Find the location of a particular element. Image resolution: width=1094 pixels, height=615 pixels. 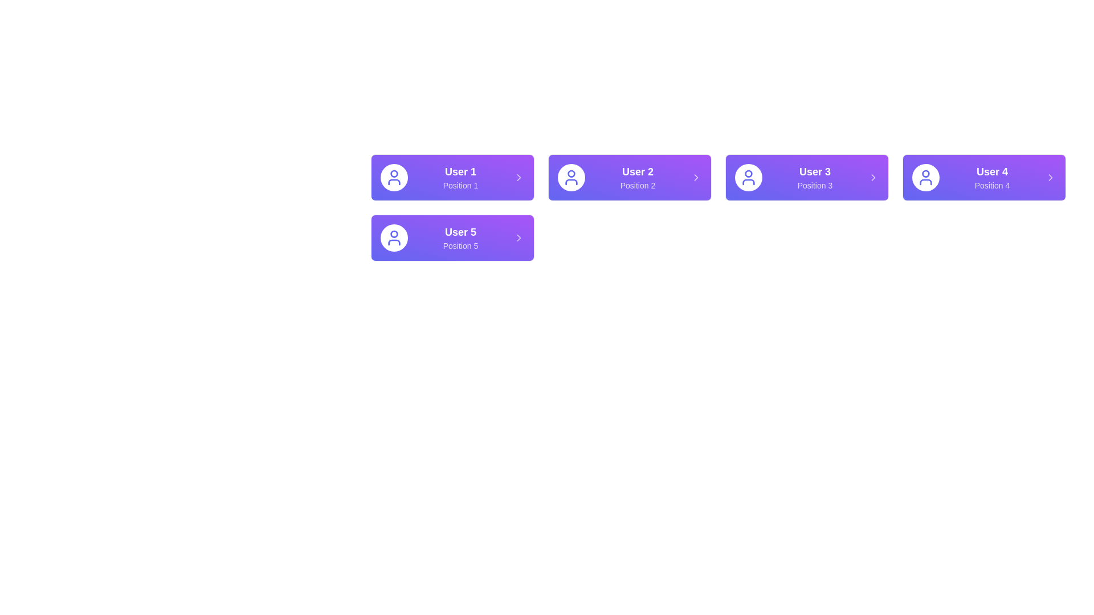

displayed text of the 'User 5' label located in the second card of the second row in the grid layout is located at coordinates (460, 232).